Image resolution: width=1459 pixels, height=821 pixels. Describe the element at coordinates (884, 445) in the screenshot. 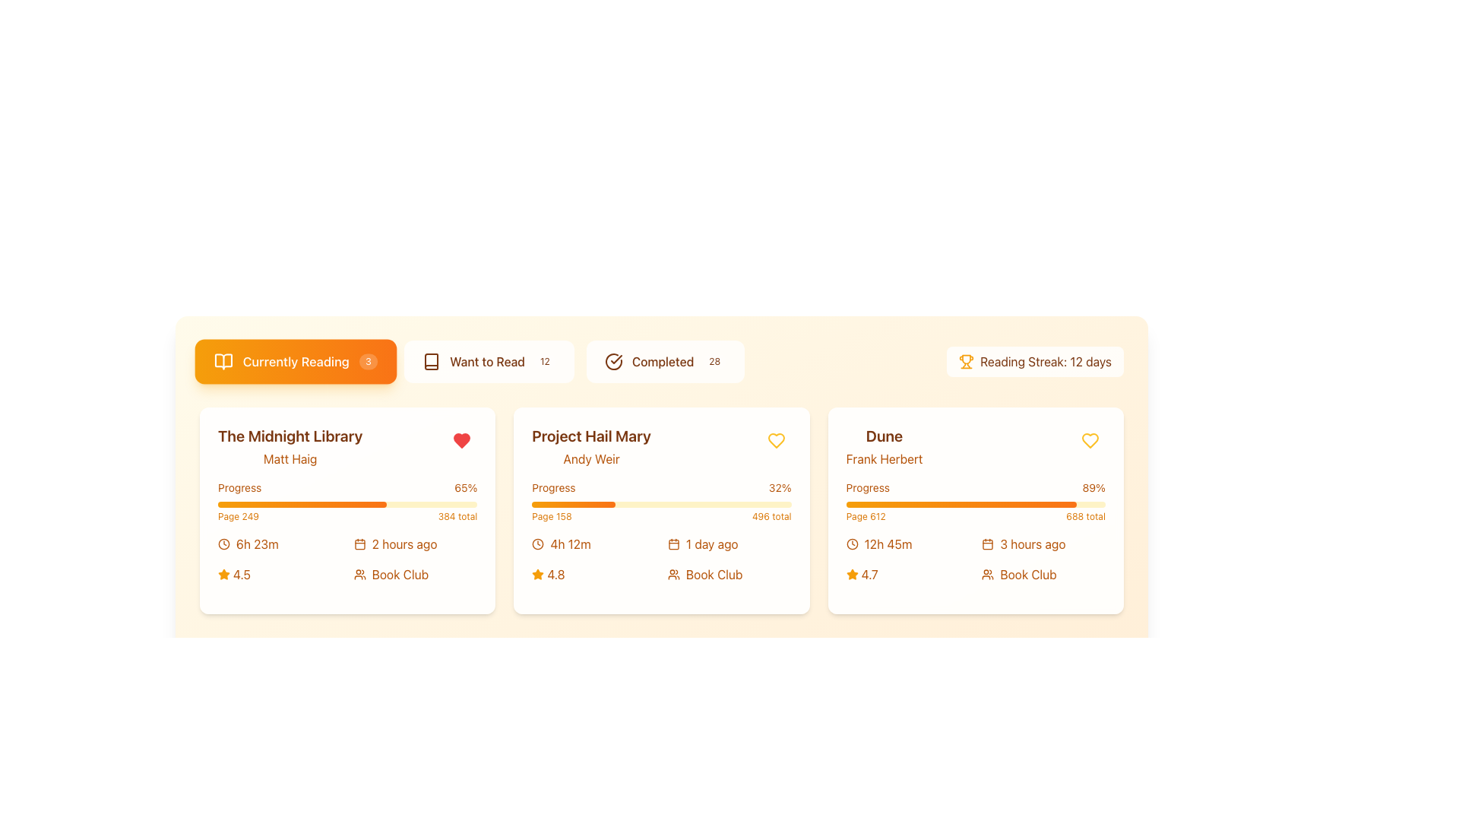

I see `the Text Display element that shows 'Dune' in bold amber and 'Frank Herbert' in lighter amber, located in the third card from the left above the progress bar` at that location.